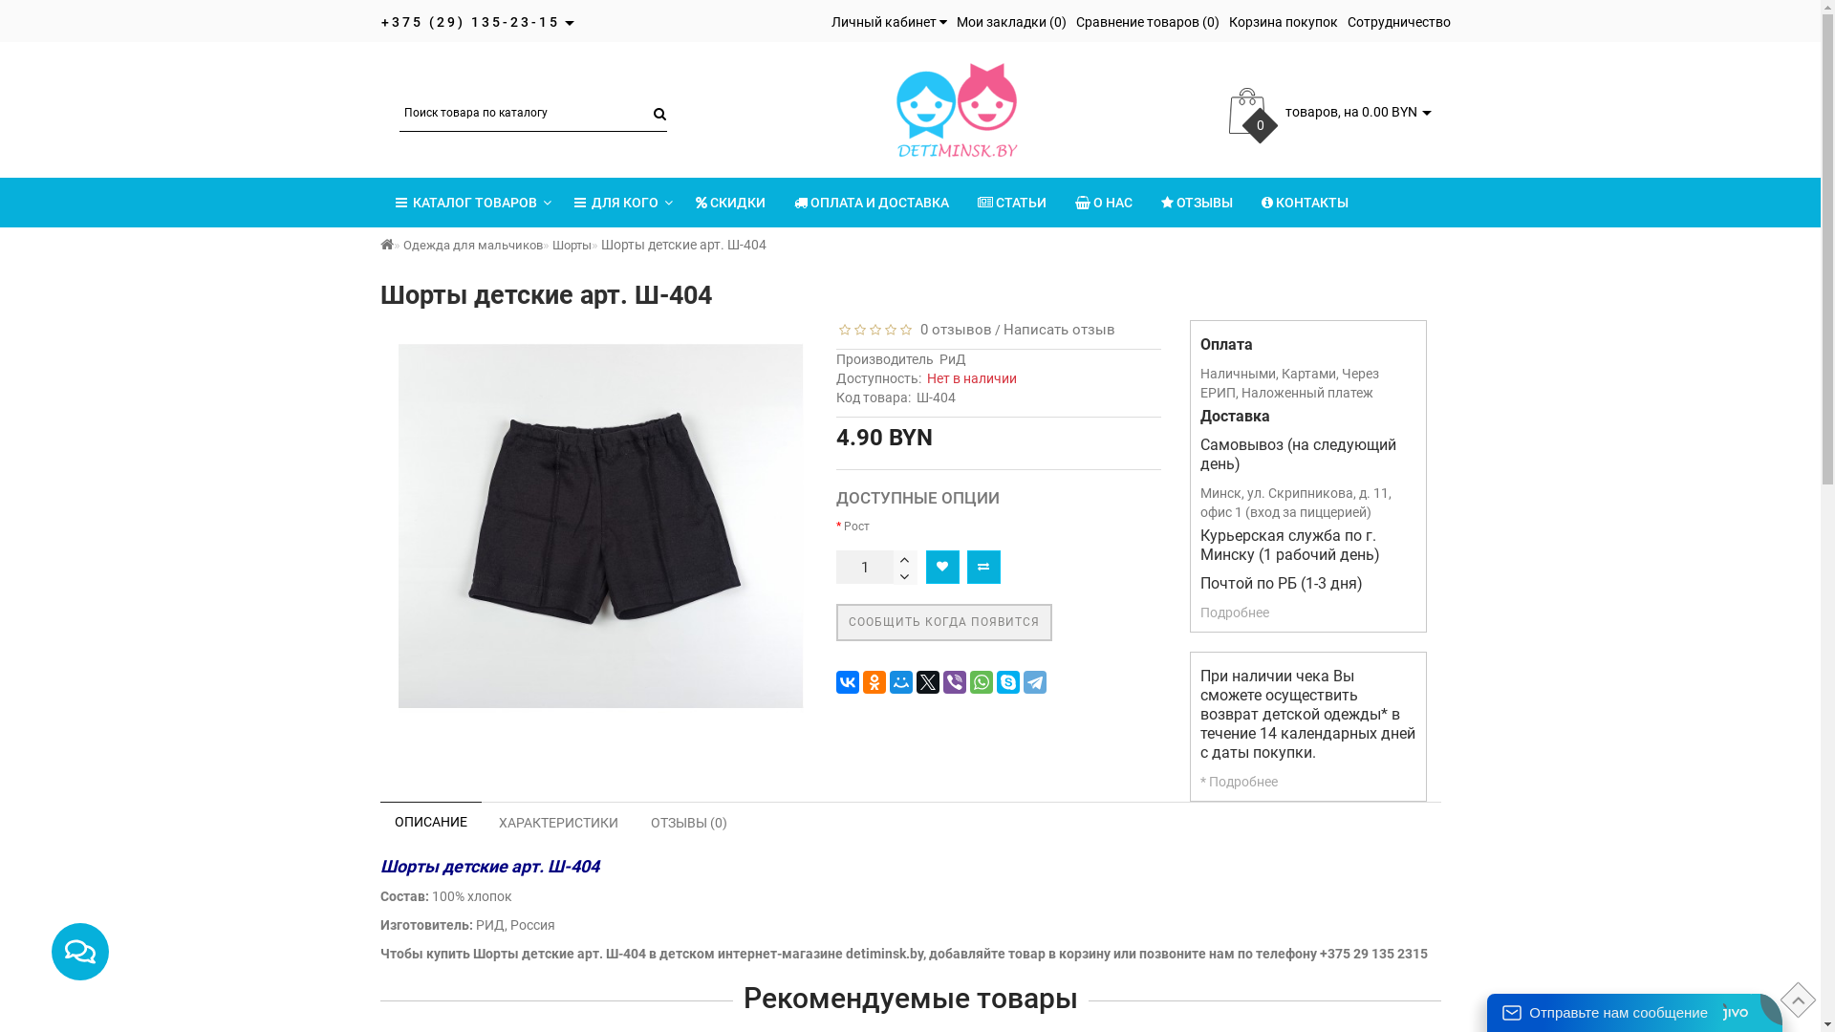  I want to click on 'Telegram', so click(1034, 680).